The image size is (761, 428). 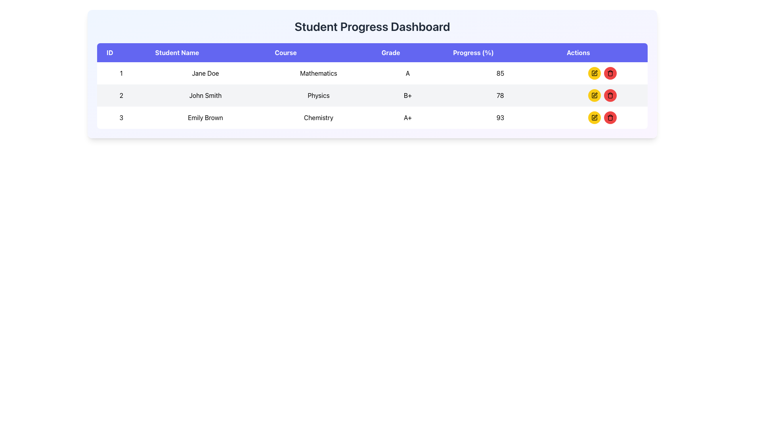 I want to click on the progress percentage text for Jane Doe, located in the fifth cell of the row under the header 'Progress (%)', so click(x=500, y=73).